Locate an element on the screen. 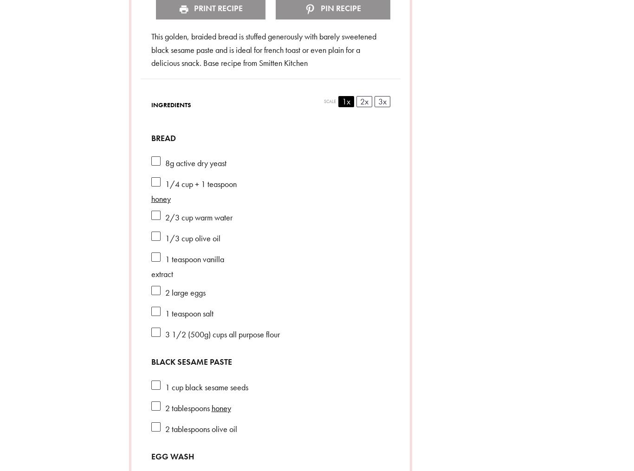  'vanilla extract' is located at coordinates (187, 266).